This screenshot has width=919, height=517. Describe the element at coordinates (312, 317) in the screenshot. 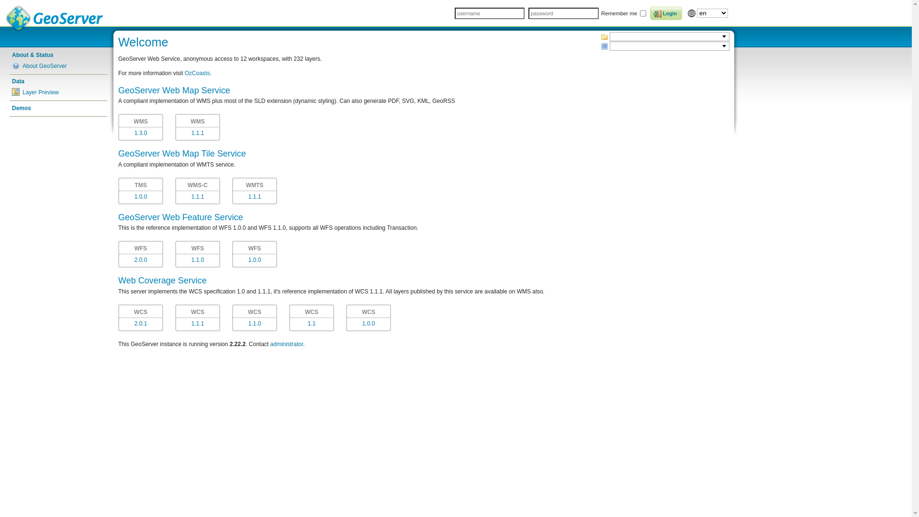

I see `'WCS` at that location.